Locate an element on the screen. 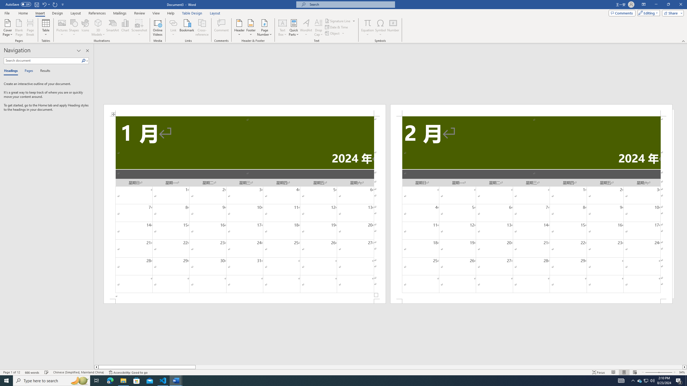  'Task Pane Options' is located at coordinates (79, 50).